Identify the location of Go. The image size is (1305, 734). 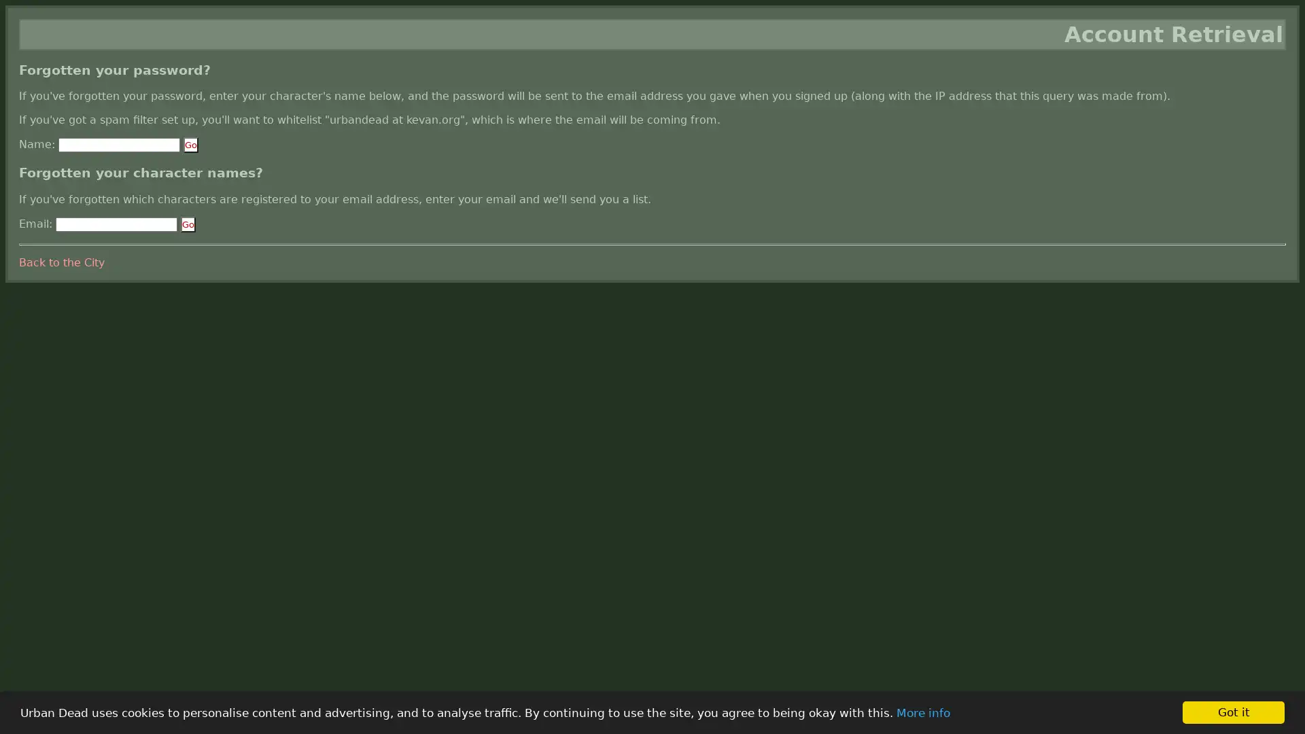
(188, 223).